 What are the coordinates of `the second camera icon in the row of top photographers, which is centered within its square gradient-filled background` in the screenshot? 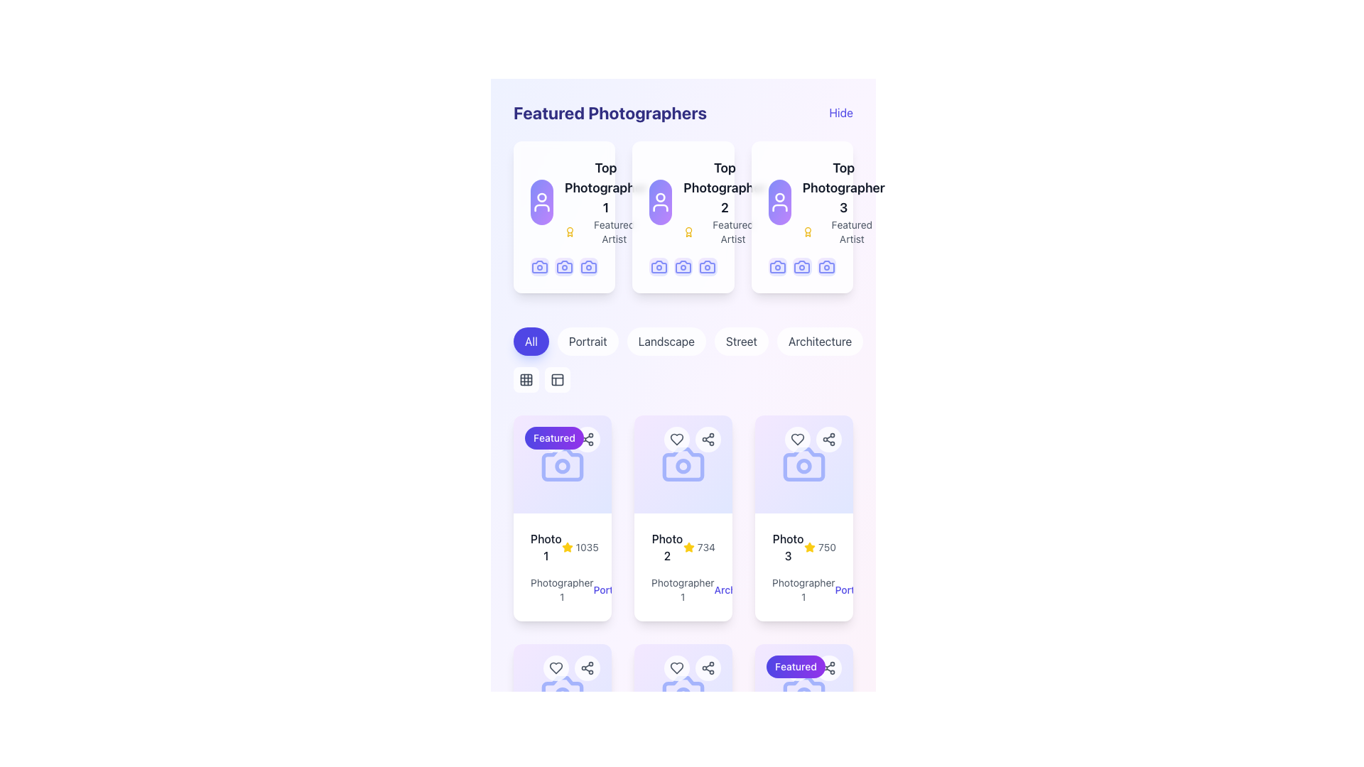 It's located at (683, 267).